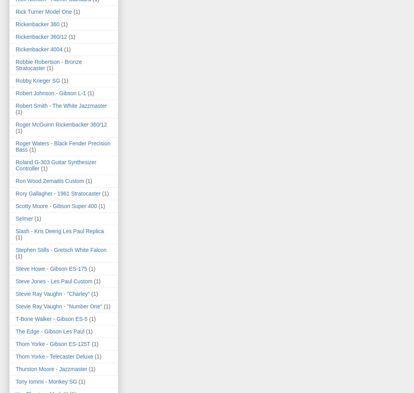 The height and width of the screenshot is (393, 414). What do you see at coordinates (50, 368) in the screenshot?
I see `'Thurston Moore - Jazzmaster'` at bounding box center [50, 368].